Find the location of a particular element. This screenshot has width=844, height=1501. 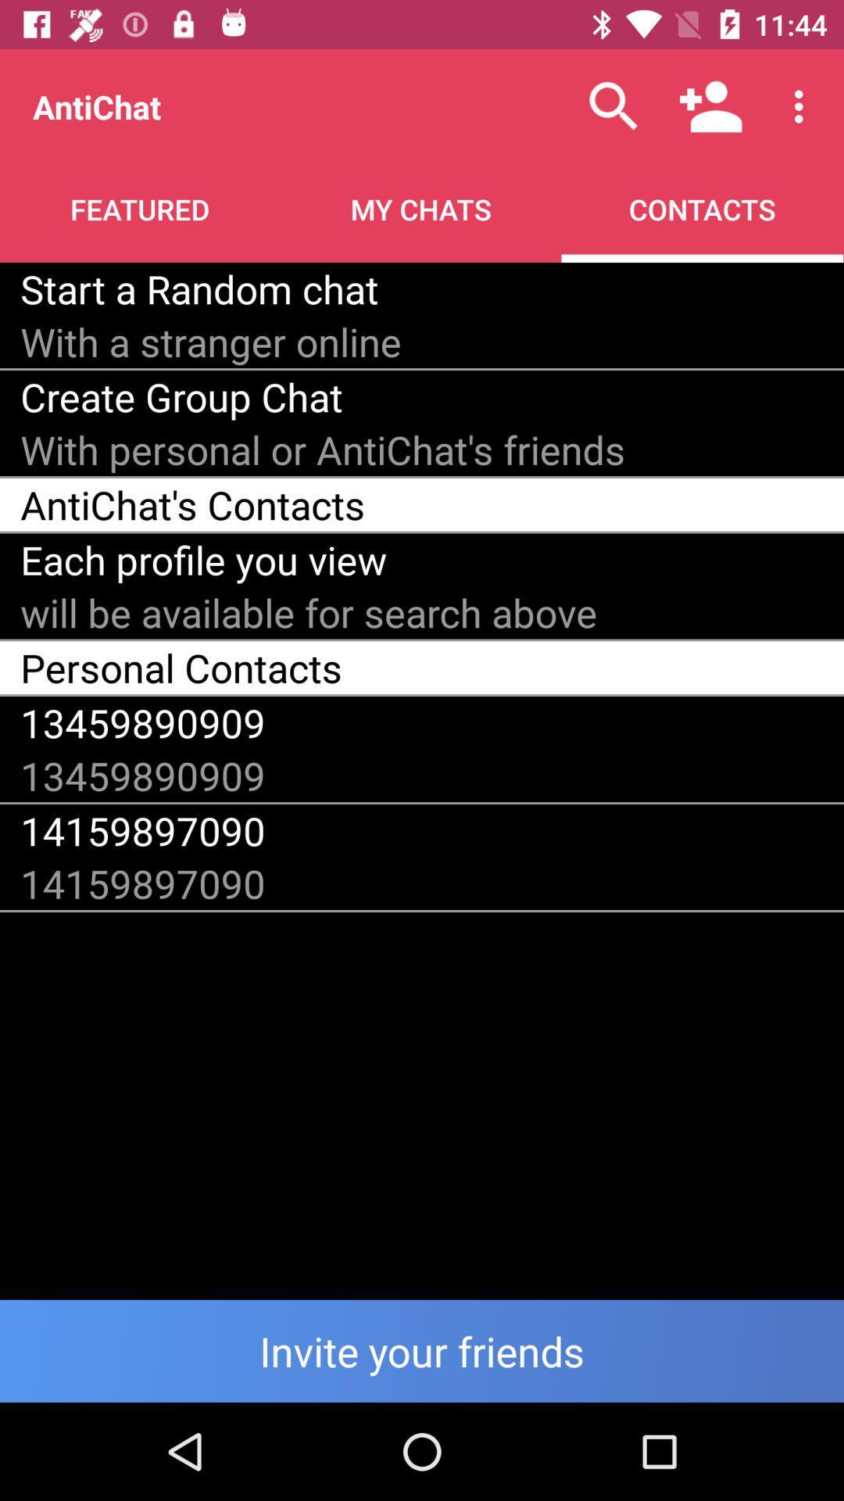

the icon above personal contacts is located at coordinates (309, 611).